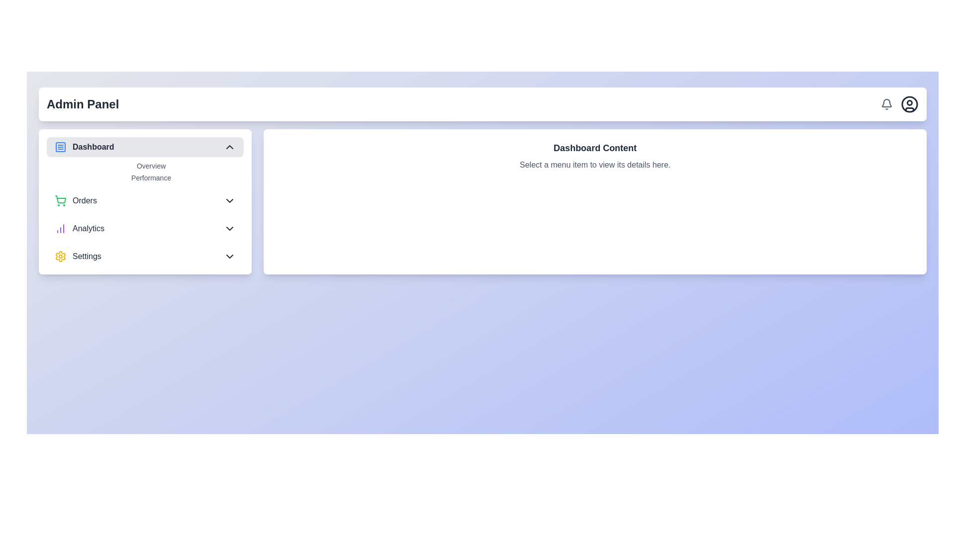 The height and width of the screenshot is (537, 955). I want to click on the clickable text label under the 'Dashboard' heading in the left-hand side menu panel, so click(150, 166).